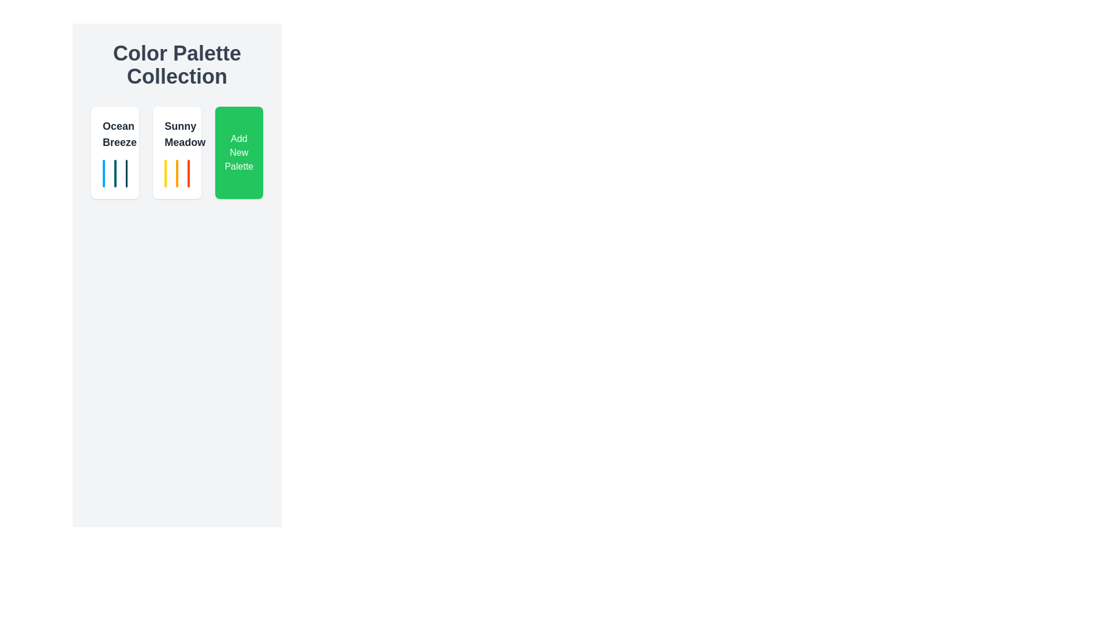 Image resolution: width=1108 pixels, height=623 pixels. Describe the element at coordinates (238, 152) in the screenshot. I see `the 'Add New Palette' button` at that location.